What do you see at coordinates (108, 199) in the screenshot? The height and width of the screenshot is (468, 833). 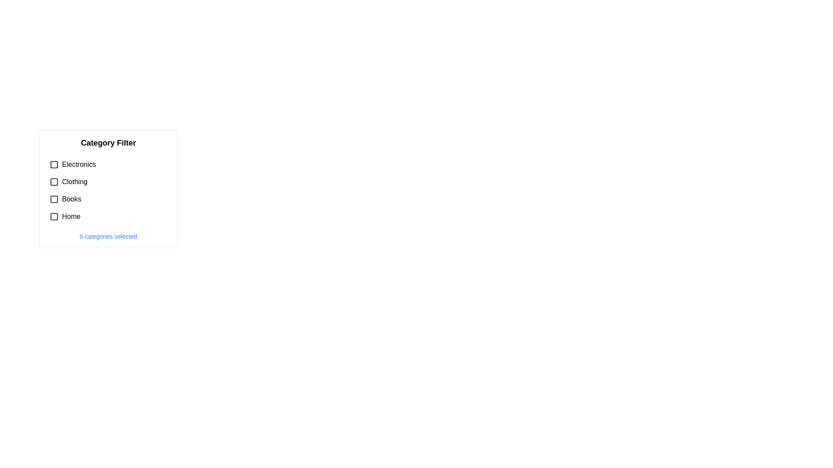 I see `the 'Books' checkbox option within the 'Category Filter'` at bounding box center [108, 199].